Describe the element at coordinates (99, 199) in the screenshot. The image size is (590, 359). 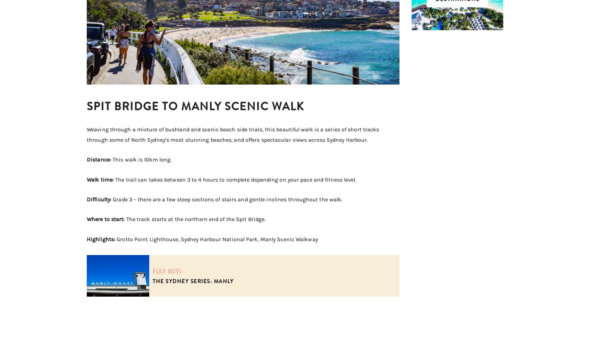
I see `'Difficulty:'` at that location.